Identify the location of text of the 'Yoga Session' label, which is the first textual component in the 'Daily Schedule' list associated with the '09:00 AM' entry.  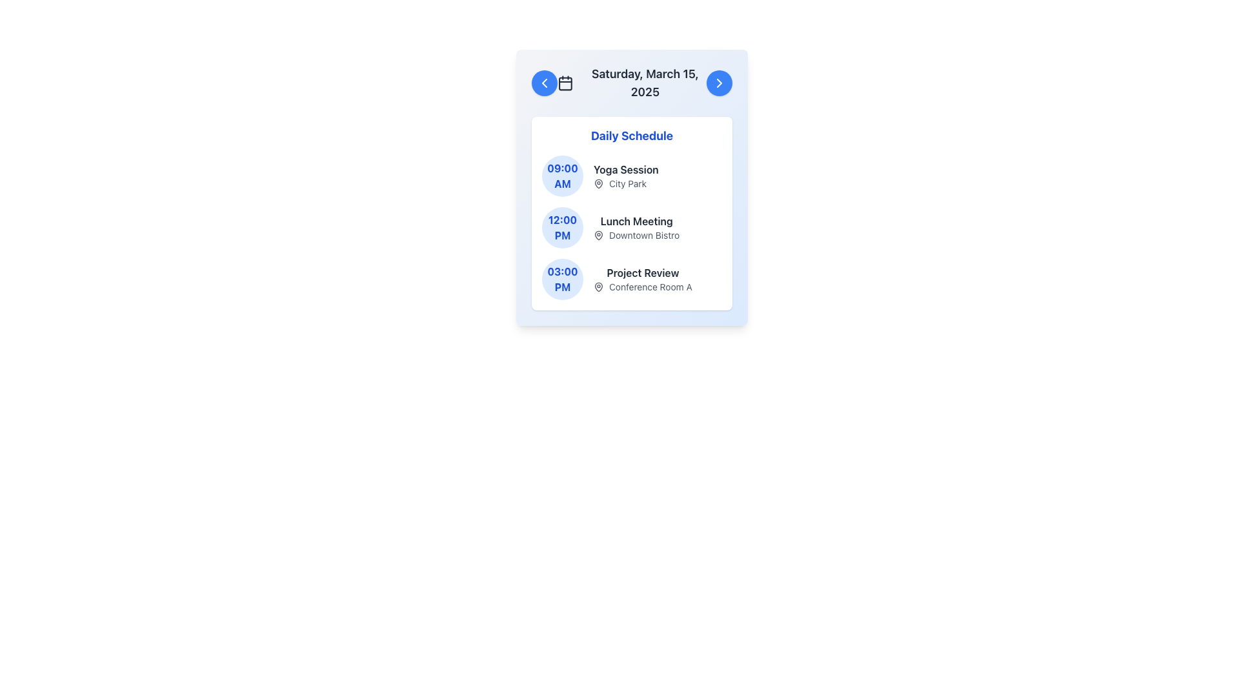
(626, 168).